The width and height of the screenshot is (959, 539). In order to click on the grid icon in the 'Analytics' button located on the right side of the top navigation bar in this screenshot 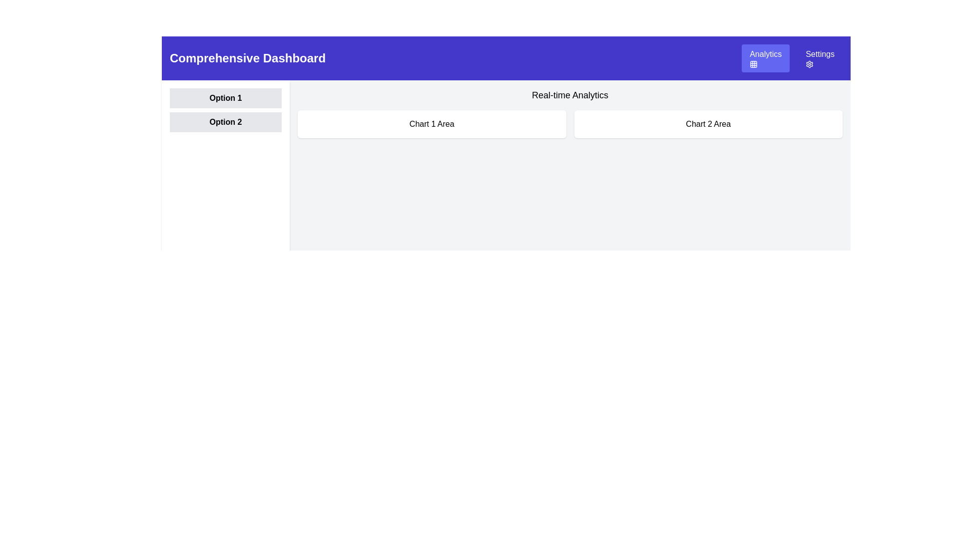, I will do `click(754, 64)`.